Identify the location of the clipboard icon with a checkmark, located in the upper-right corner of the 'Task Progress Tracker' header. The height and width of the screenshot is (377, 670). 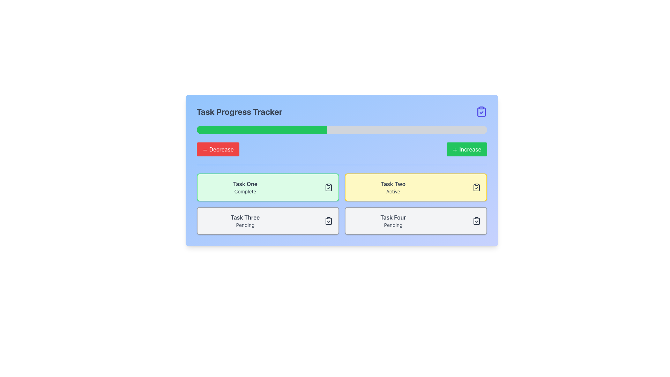
(481, 111).